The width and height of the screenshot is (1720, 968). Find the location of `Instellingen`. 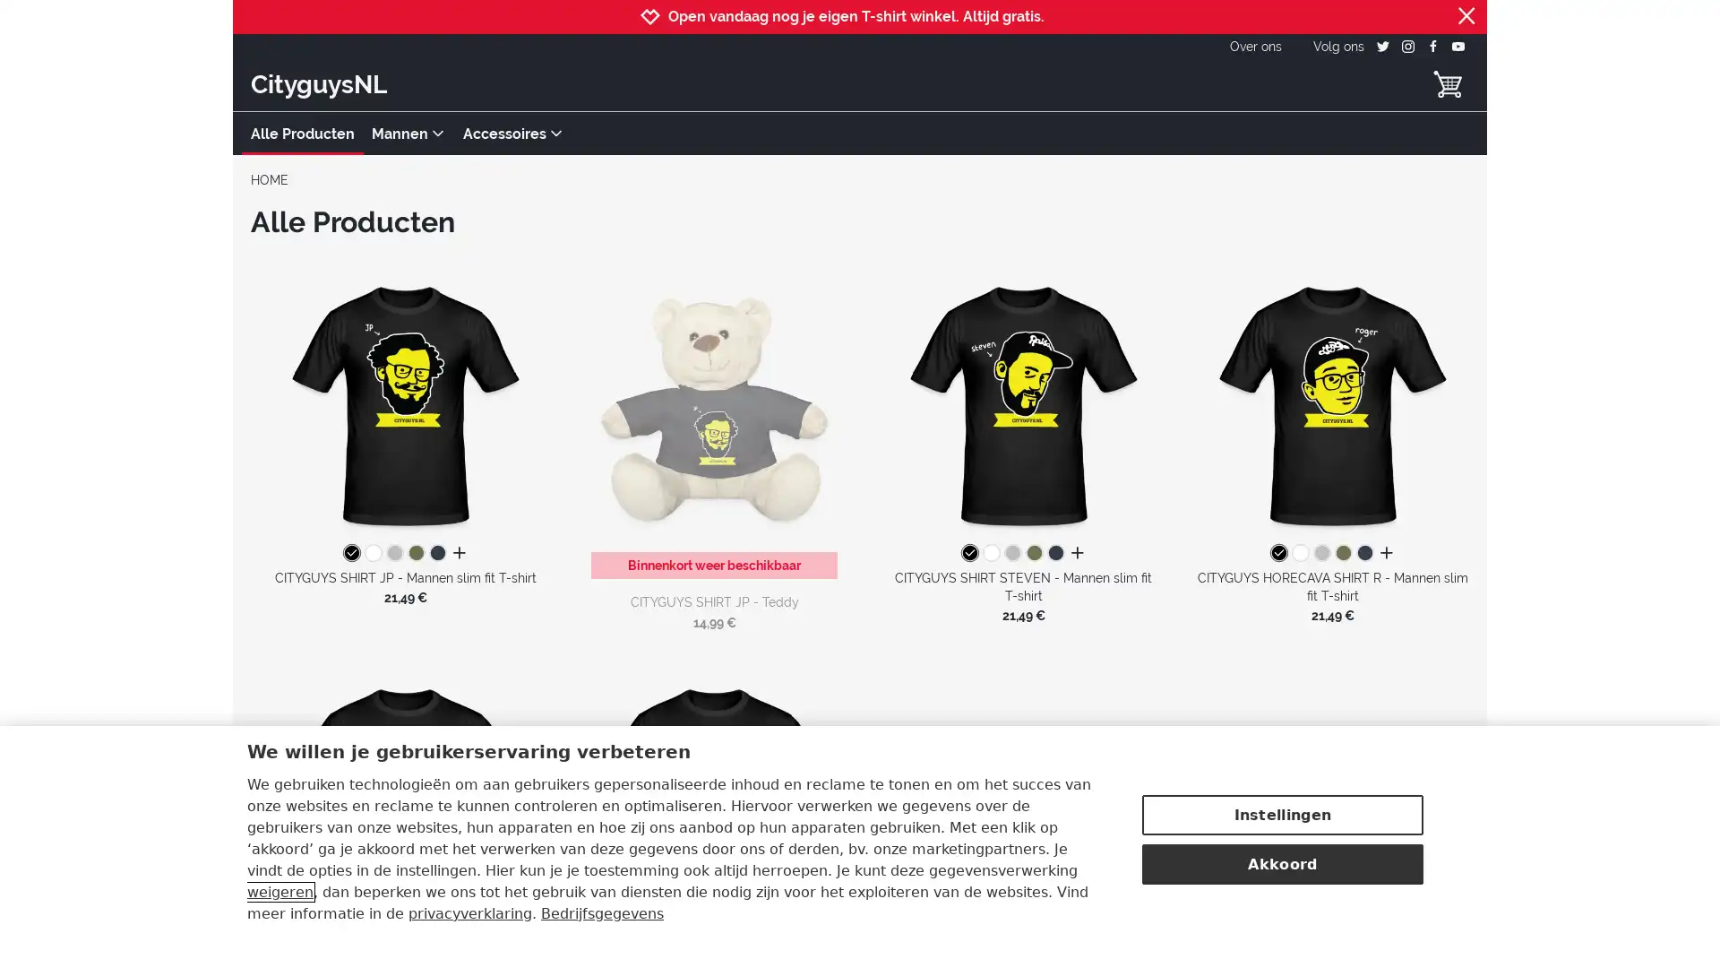

Instellingen is located at coordinates (1281, 815).